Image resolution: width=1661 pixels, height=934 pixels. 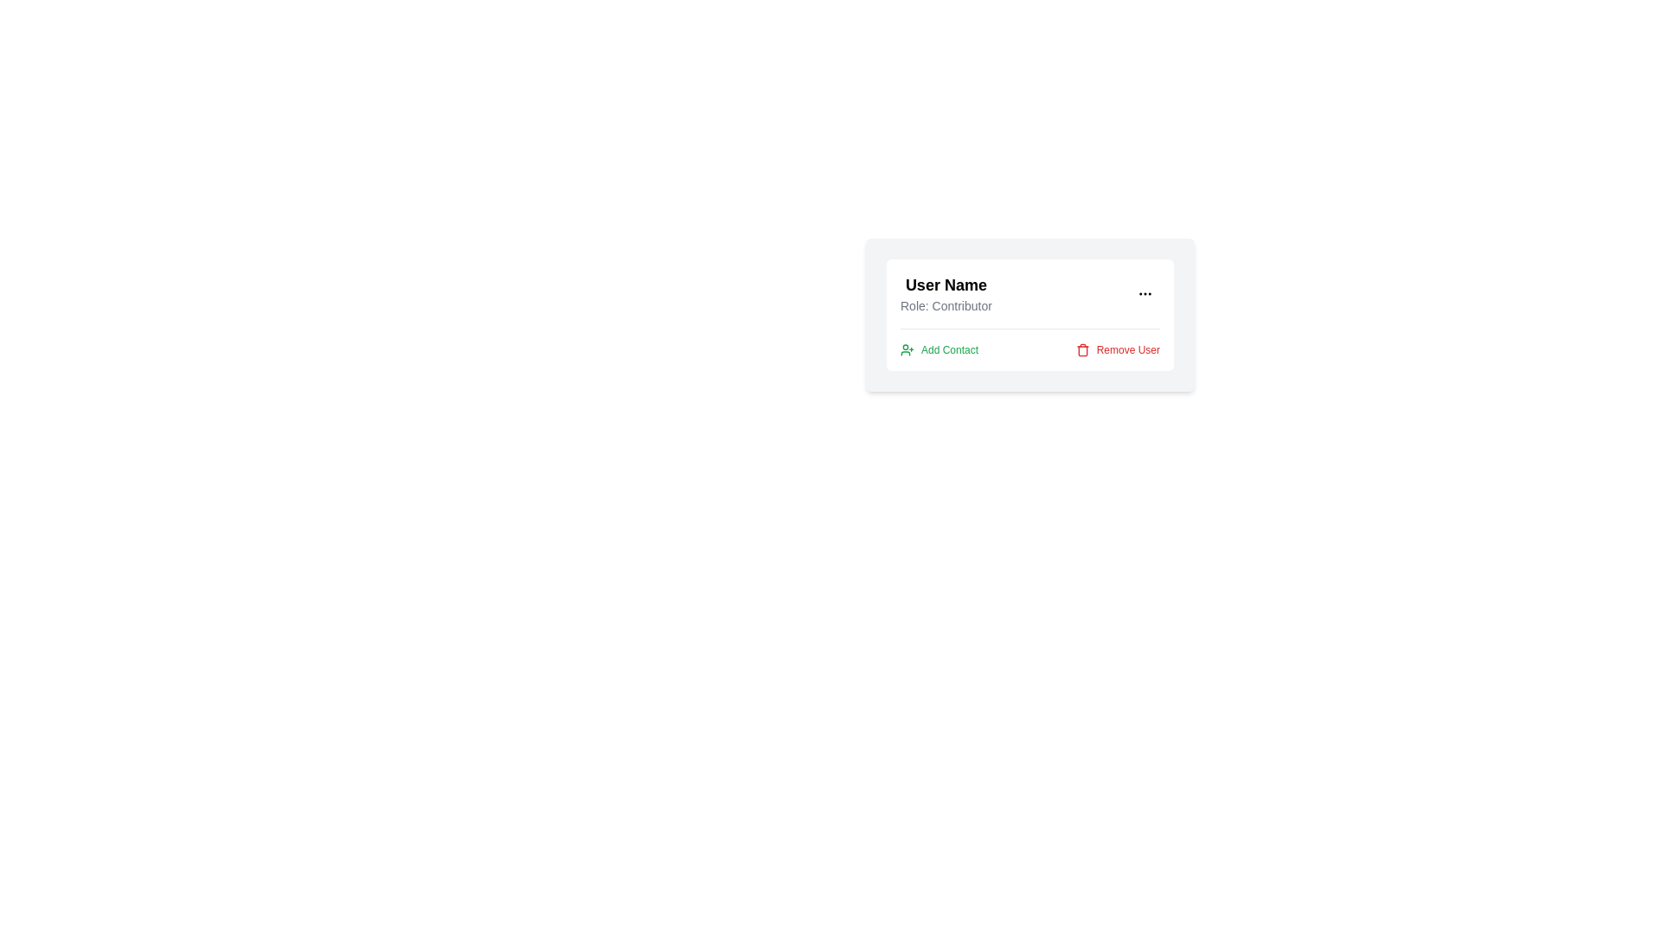 I want to click on the 'Remove User' button, which is a horizontally aligned text button styled in small red text with a trashcan icon, located to the right of the 'Add Contact' button under the user information card, so click(x=1118, y=350).